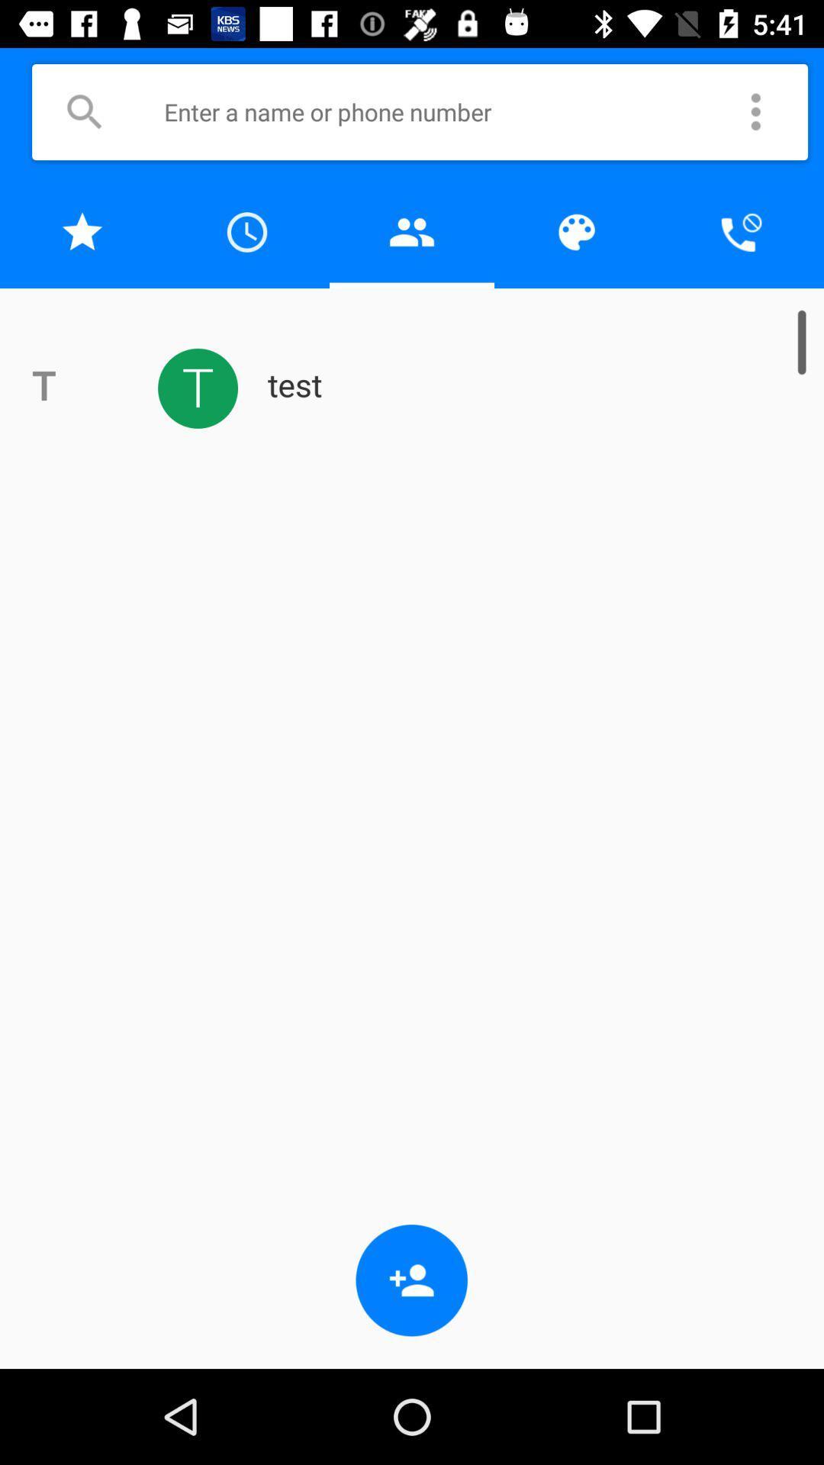 Image resolution: width=824 pixels, height=1465 pixels. I want to click on the app above the test item, so click(412, 231).